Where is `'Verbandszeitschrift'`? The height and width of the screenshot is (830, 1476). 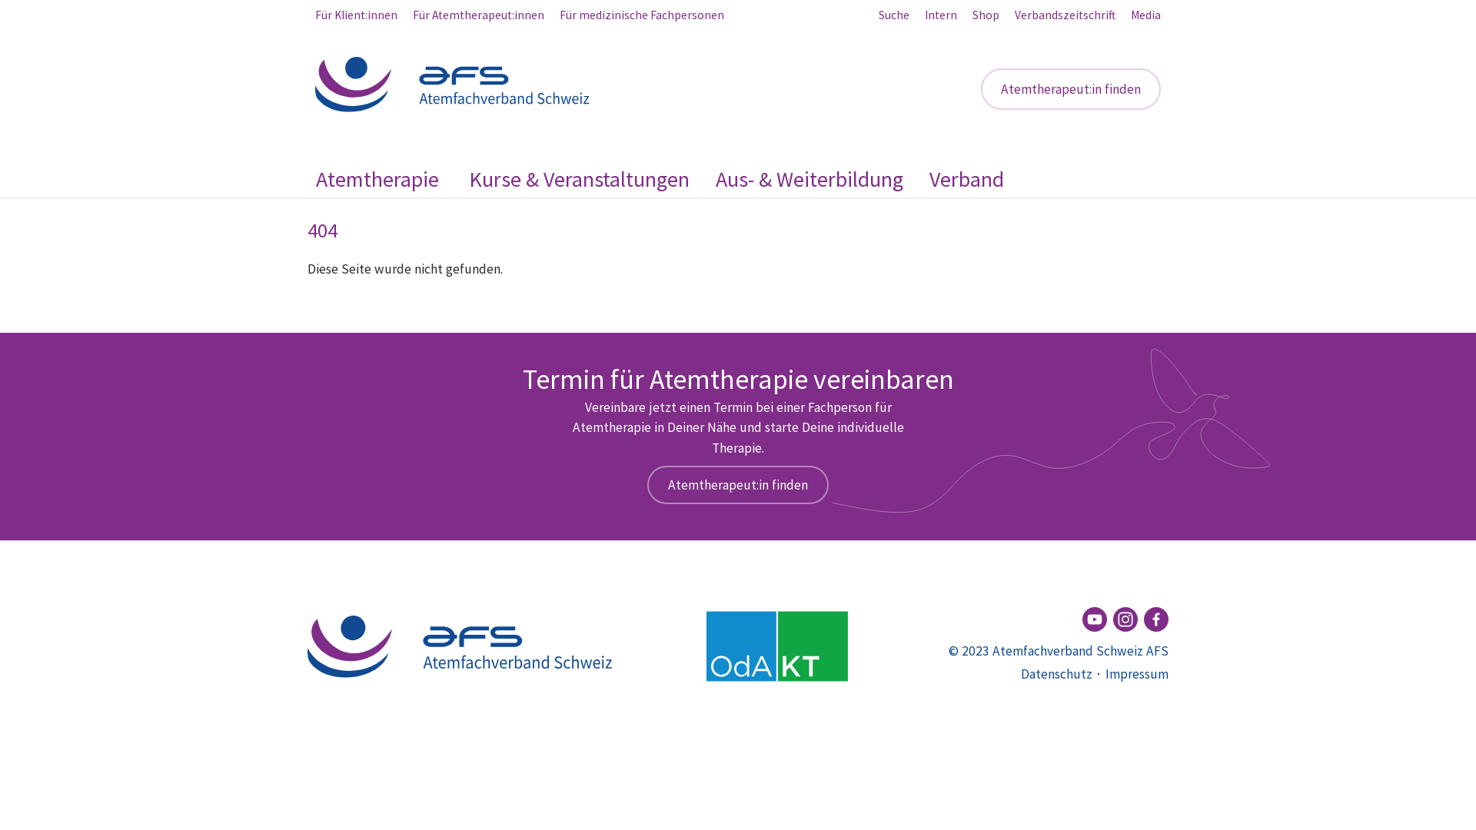
'Verbandszeitschrift' is located at coordinates (1015, 15).